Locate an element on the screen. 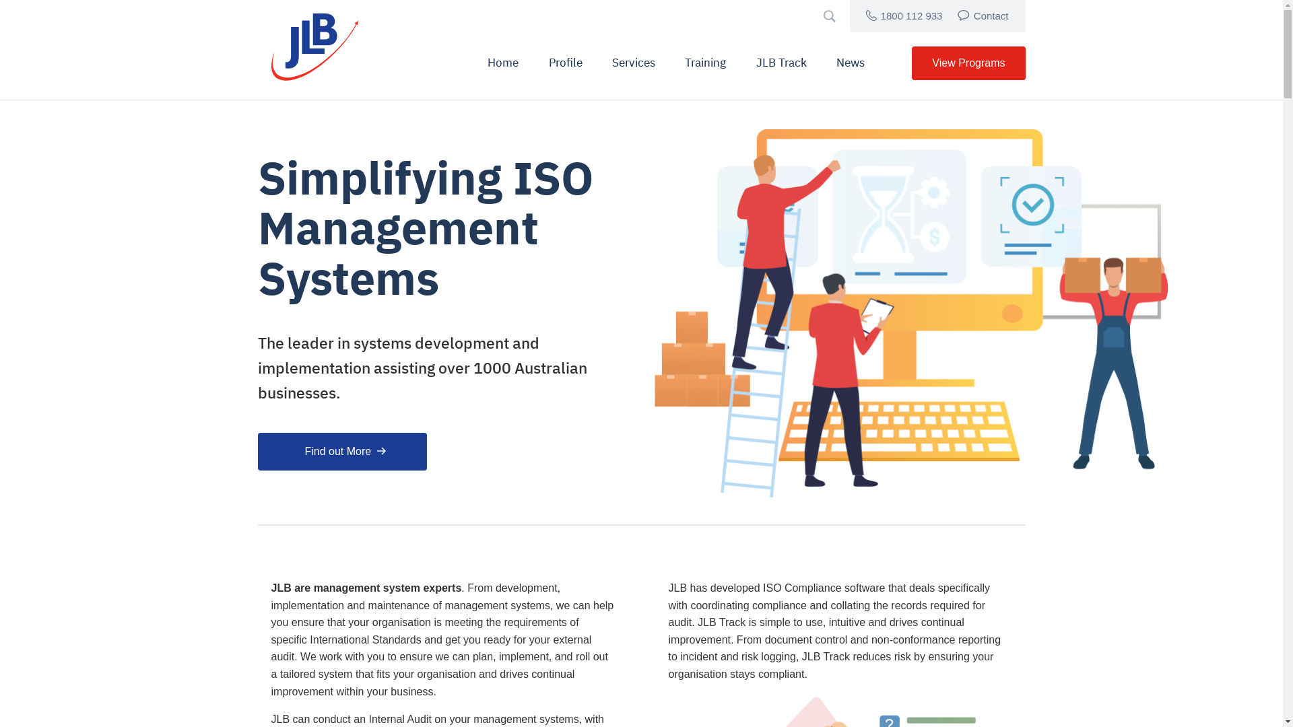 The height and width of the screenshot is (727, 1293). '1800 112 933' is located at coordinates (904, 15).